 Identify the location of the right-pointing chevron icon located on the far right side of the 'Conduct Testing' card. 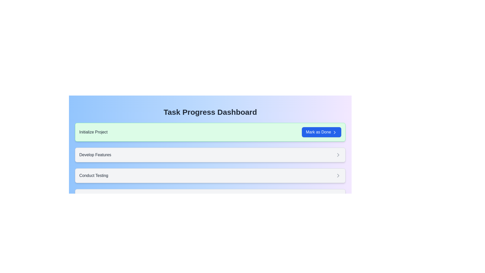
(338, 175).